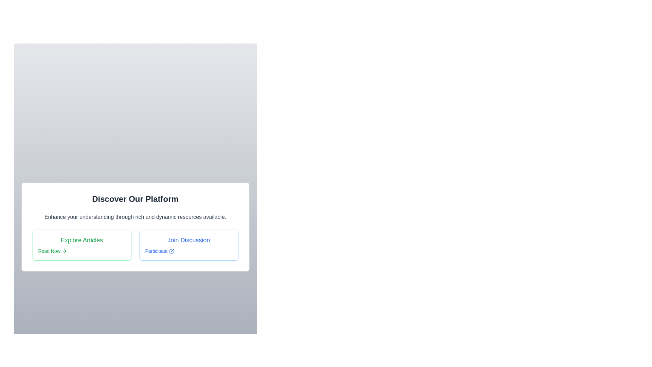 This screenshot has height=367, width=652. Describe the element at coordinates (64, 251) in the screenshot. I see `the rightward pointing arrow icon adjacent to the 'Read Now' text in the 'Explore Articles' section` at that location.